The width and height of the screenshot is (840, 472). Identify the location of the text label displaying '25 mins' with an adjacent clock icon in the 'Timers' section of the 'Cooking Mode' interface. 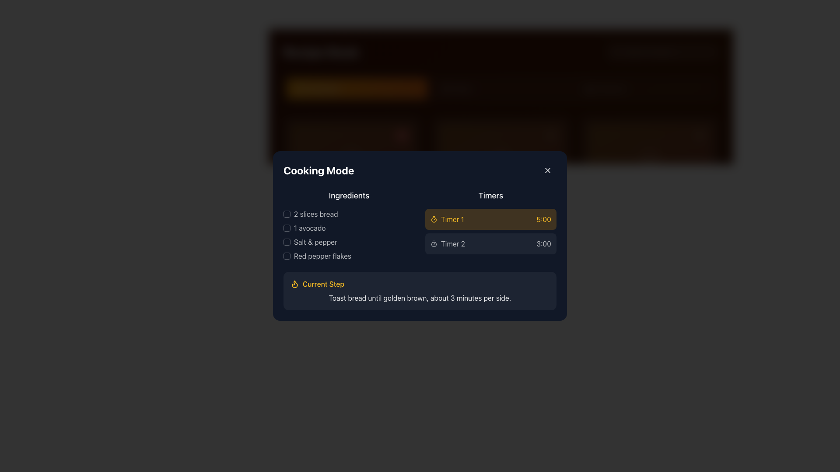
(454, 220).